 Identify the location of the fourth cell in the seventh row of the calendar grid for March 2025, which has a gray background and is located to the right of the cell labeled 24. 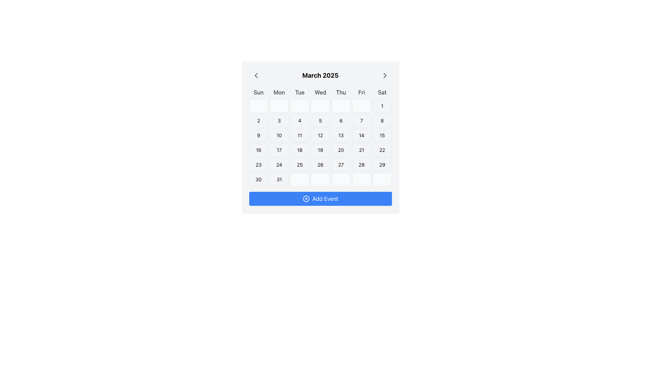
(300, 179).